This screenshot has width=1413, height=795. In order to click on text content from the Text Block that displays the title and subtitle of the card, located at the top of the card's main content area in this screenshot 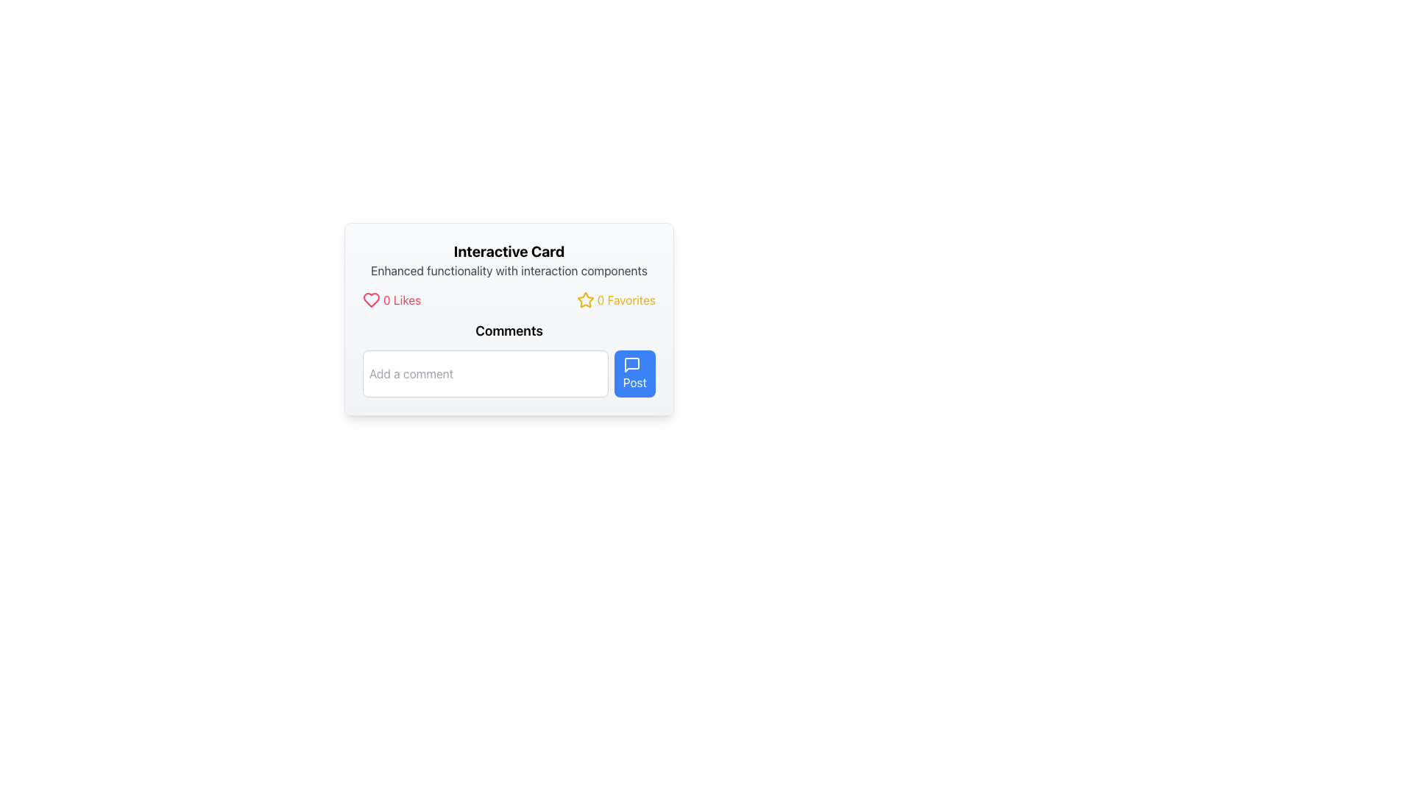, I will do `click(509, 260)`.